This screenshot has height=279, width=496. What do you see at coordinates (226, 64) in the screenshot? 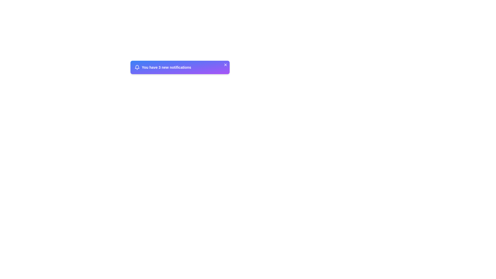
I see `the close button in the top-right corner of the notification panel` at bounding box center [226, 64].